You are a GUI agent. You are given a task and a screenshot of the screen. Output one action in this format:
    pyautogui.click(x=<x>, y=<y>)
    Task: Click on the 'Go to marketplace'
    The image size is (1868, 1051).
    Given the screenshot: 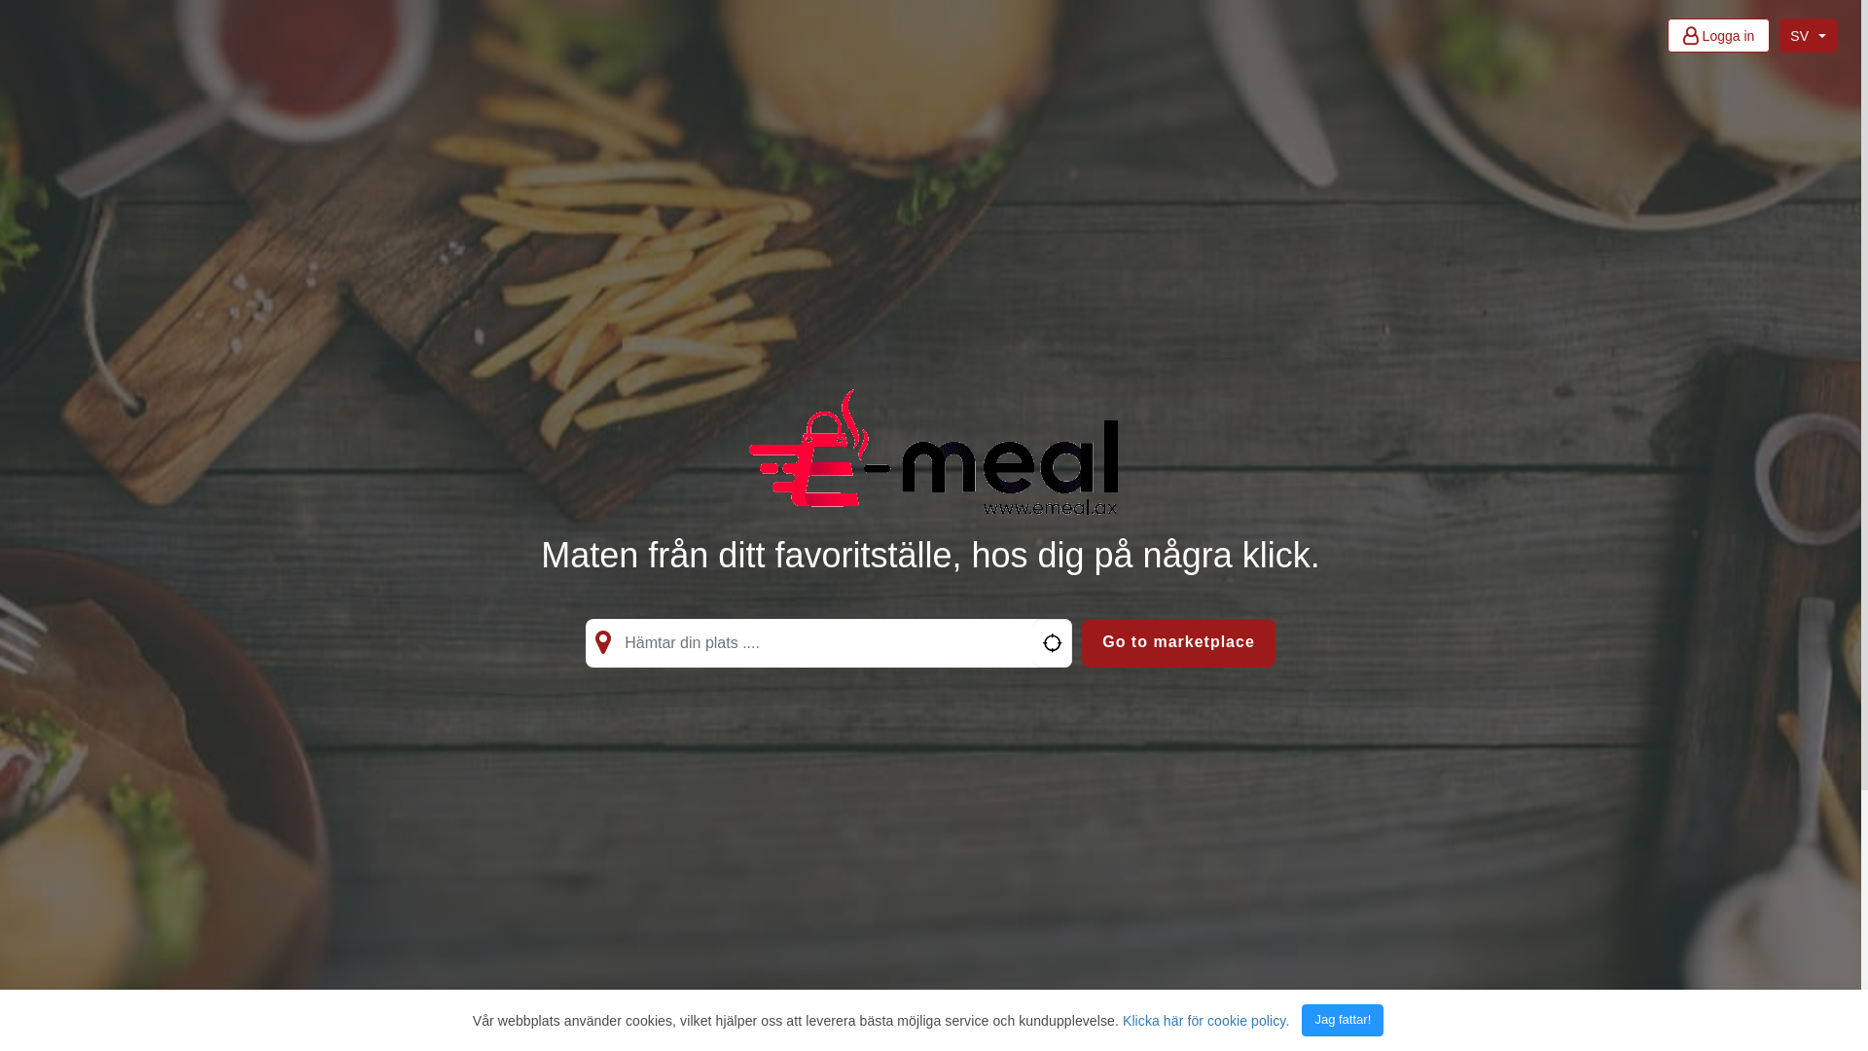 What is the action you would take?
    pyautogui.click(x=1081, y=642)
    